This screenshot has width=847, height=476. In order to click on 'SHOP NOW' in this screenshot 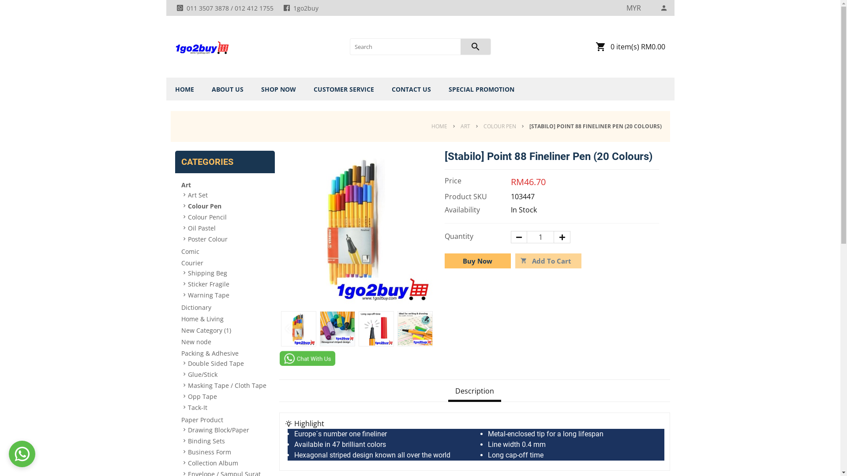, I will do `click(278, 89)`.